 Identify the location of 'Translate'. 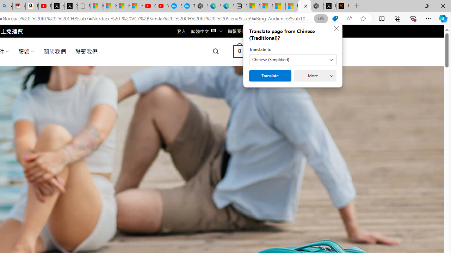
(270, 76).